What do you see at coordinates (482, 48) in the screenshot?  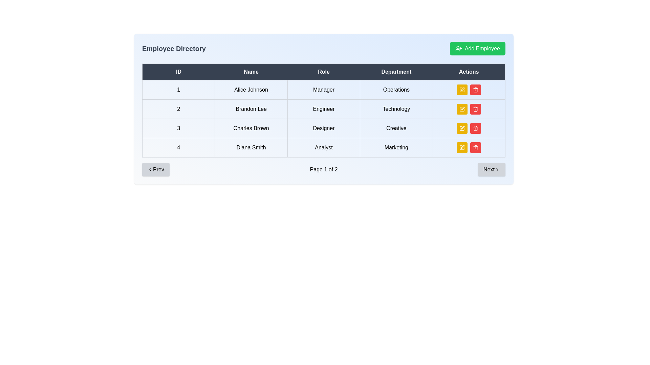 I see `the 'Add Employee' text label located on the green button in the top-right corner of the employee list header to trigger hover-specific effects` at bounding box center [482, 48].